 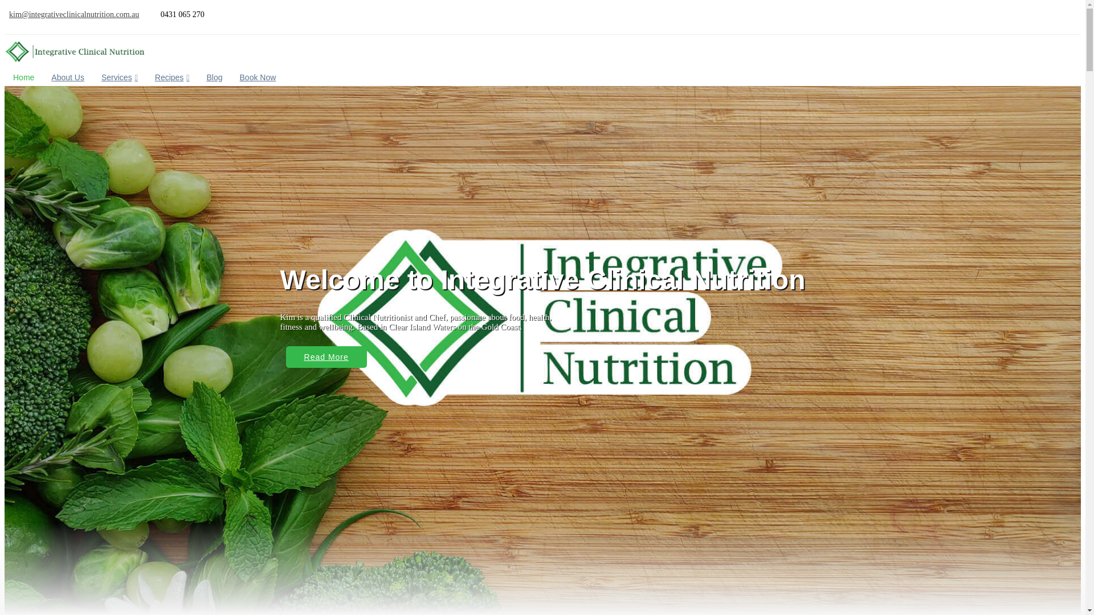 I want to click on 'About Us', so click(x=67, y=77).